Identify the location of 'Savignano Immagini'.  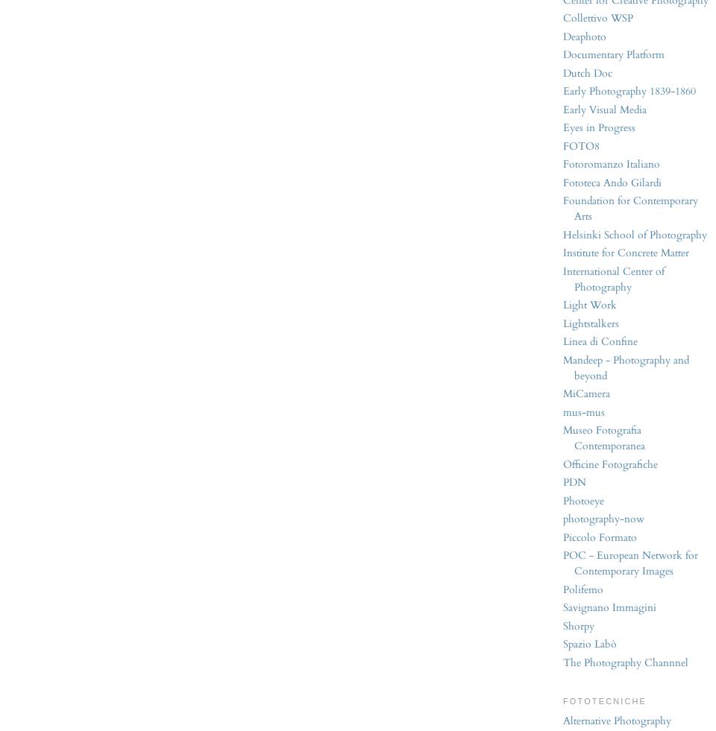
(562, 607).